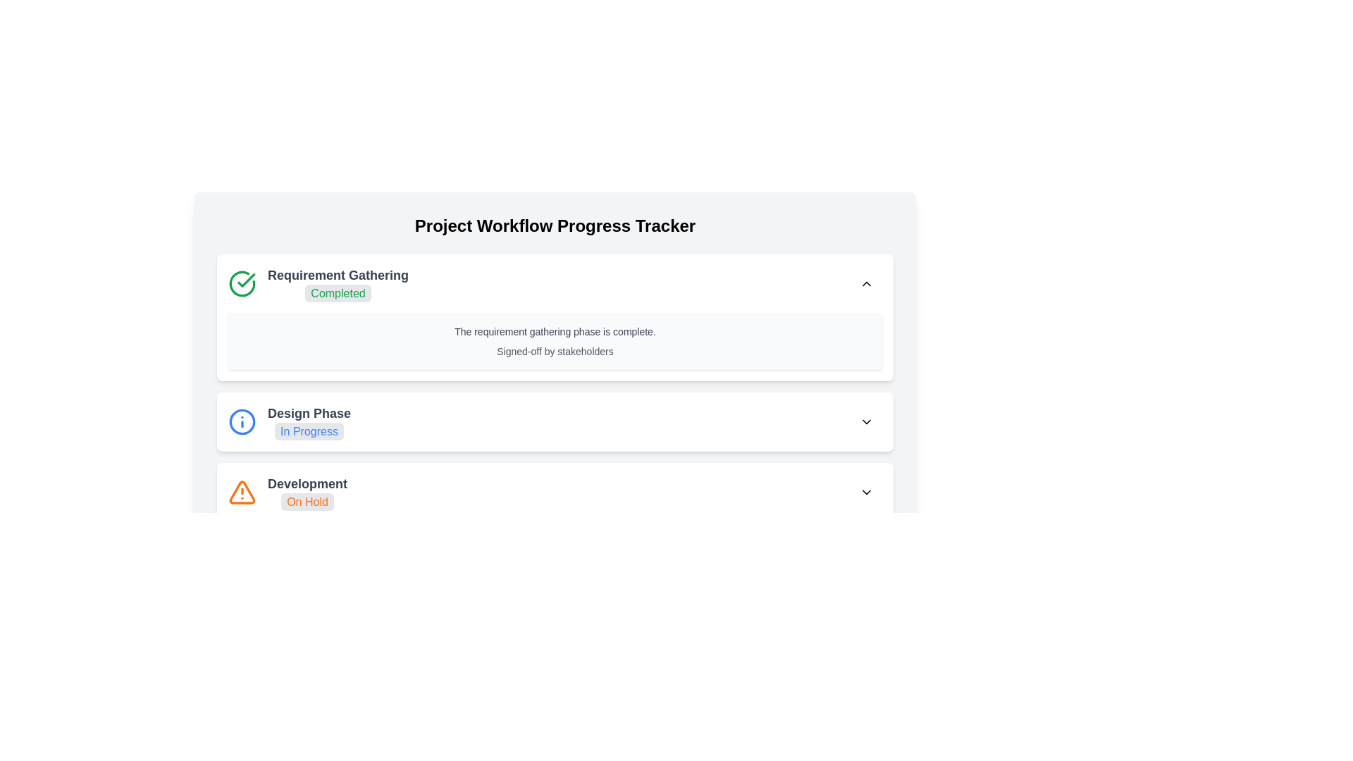 The image size is (1353, 761). Describe the element at coordinates (309, 421) in the screenshot. I see `information displayed in the 'Design Phase' status indicator, which shows 'In Progress' in the workflow tracker` at that location.